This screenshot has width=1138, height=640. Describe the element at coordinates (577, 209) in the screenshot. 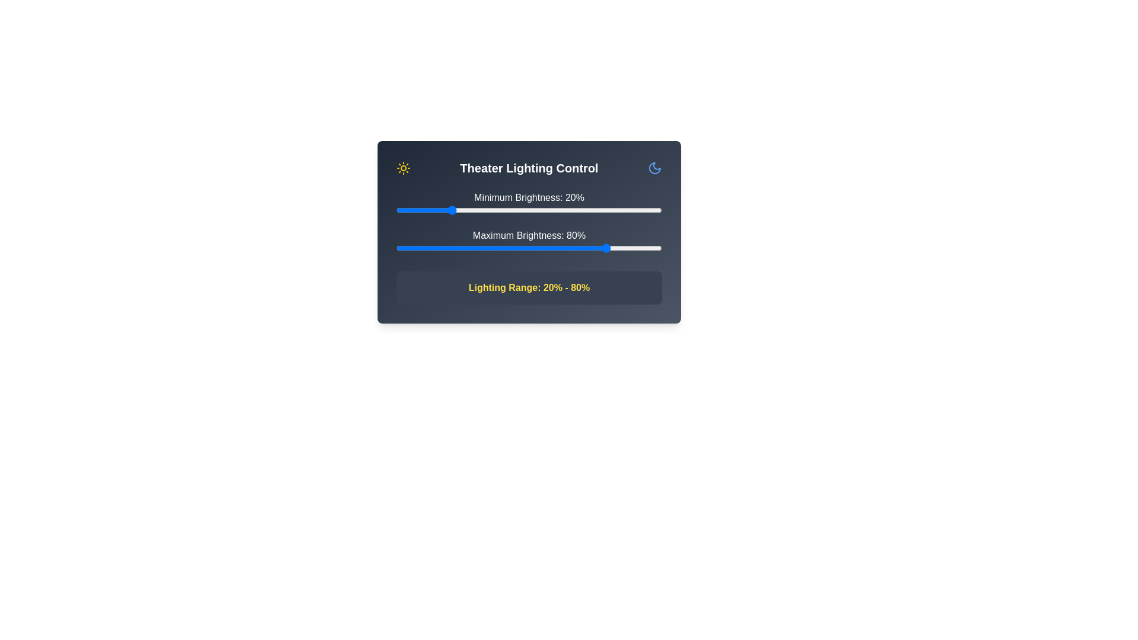

I see `the minimum brightness to 68% by interacting with the slider` at that location.